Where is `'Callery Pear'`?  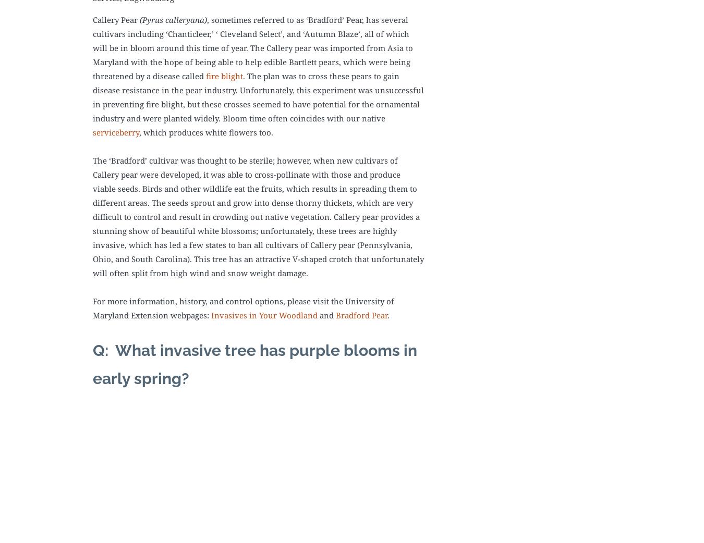
'Callery Pear' is located at coordinates (116, 19).